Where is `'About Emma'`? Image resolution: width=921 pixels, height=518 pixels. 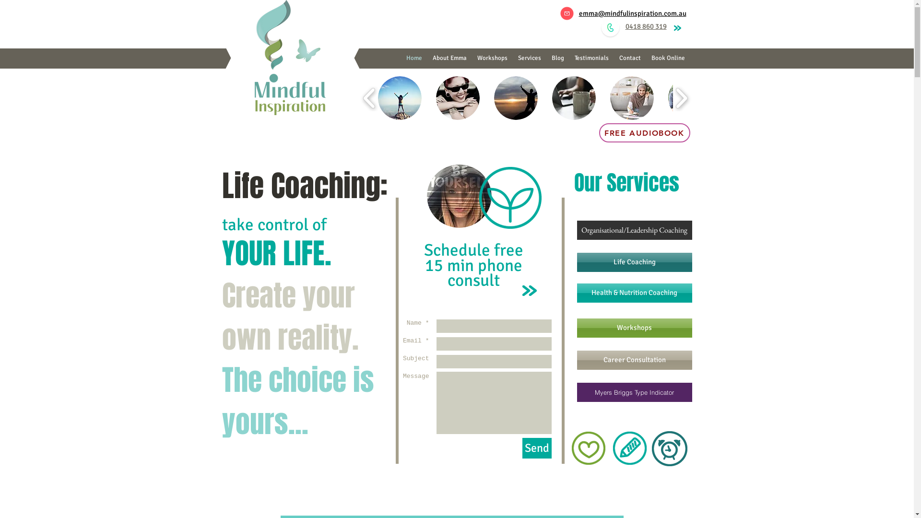
'About Emma' is located at coordinates (449, 58).